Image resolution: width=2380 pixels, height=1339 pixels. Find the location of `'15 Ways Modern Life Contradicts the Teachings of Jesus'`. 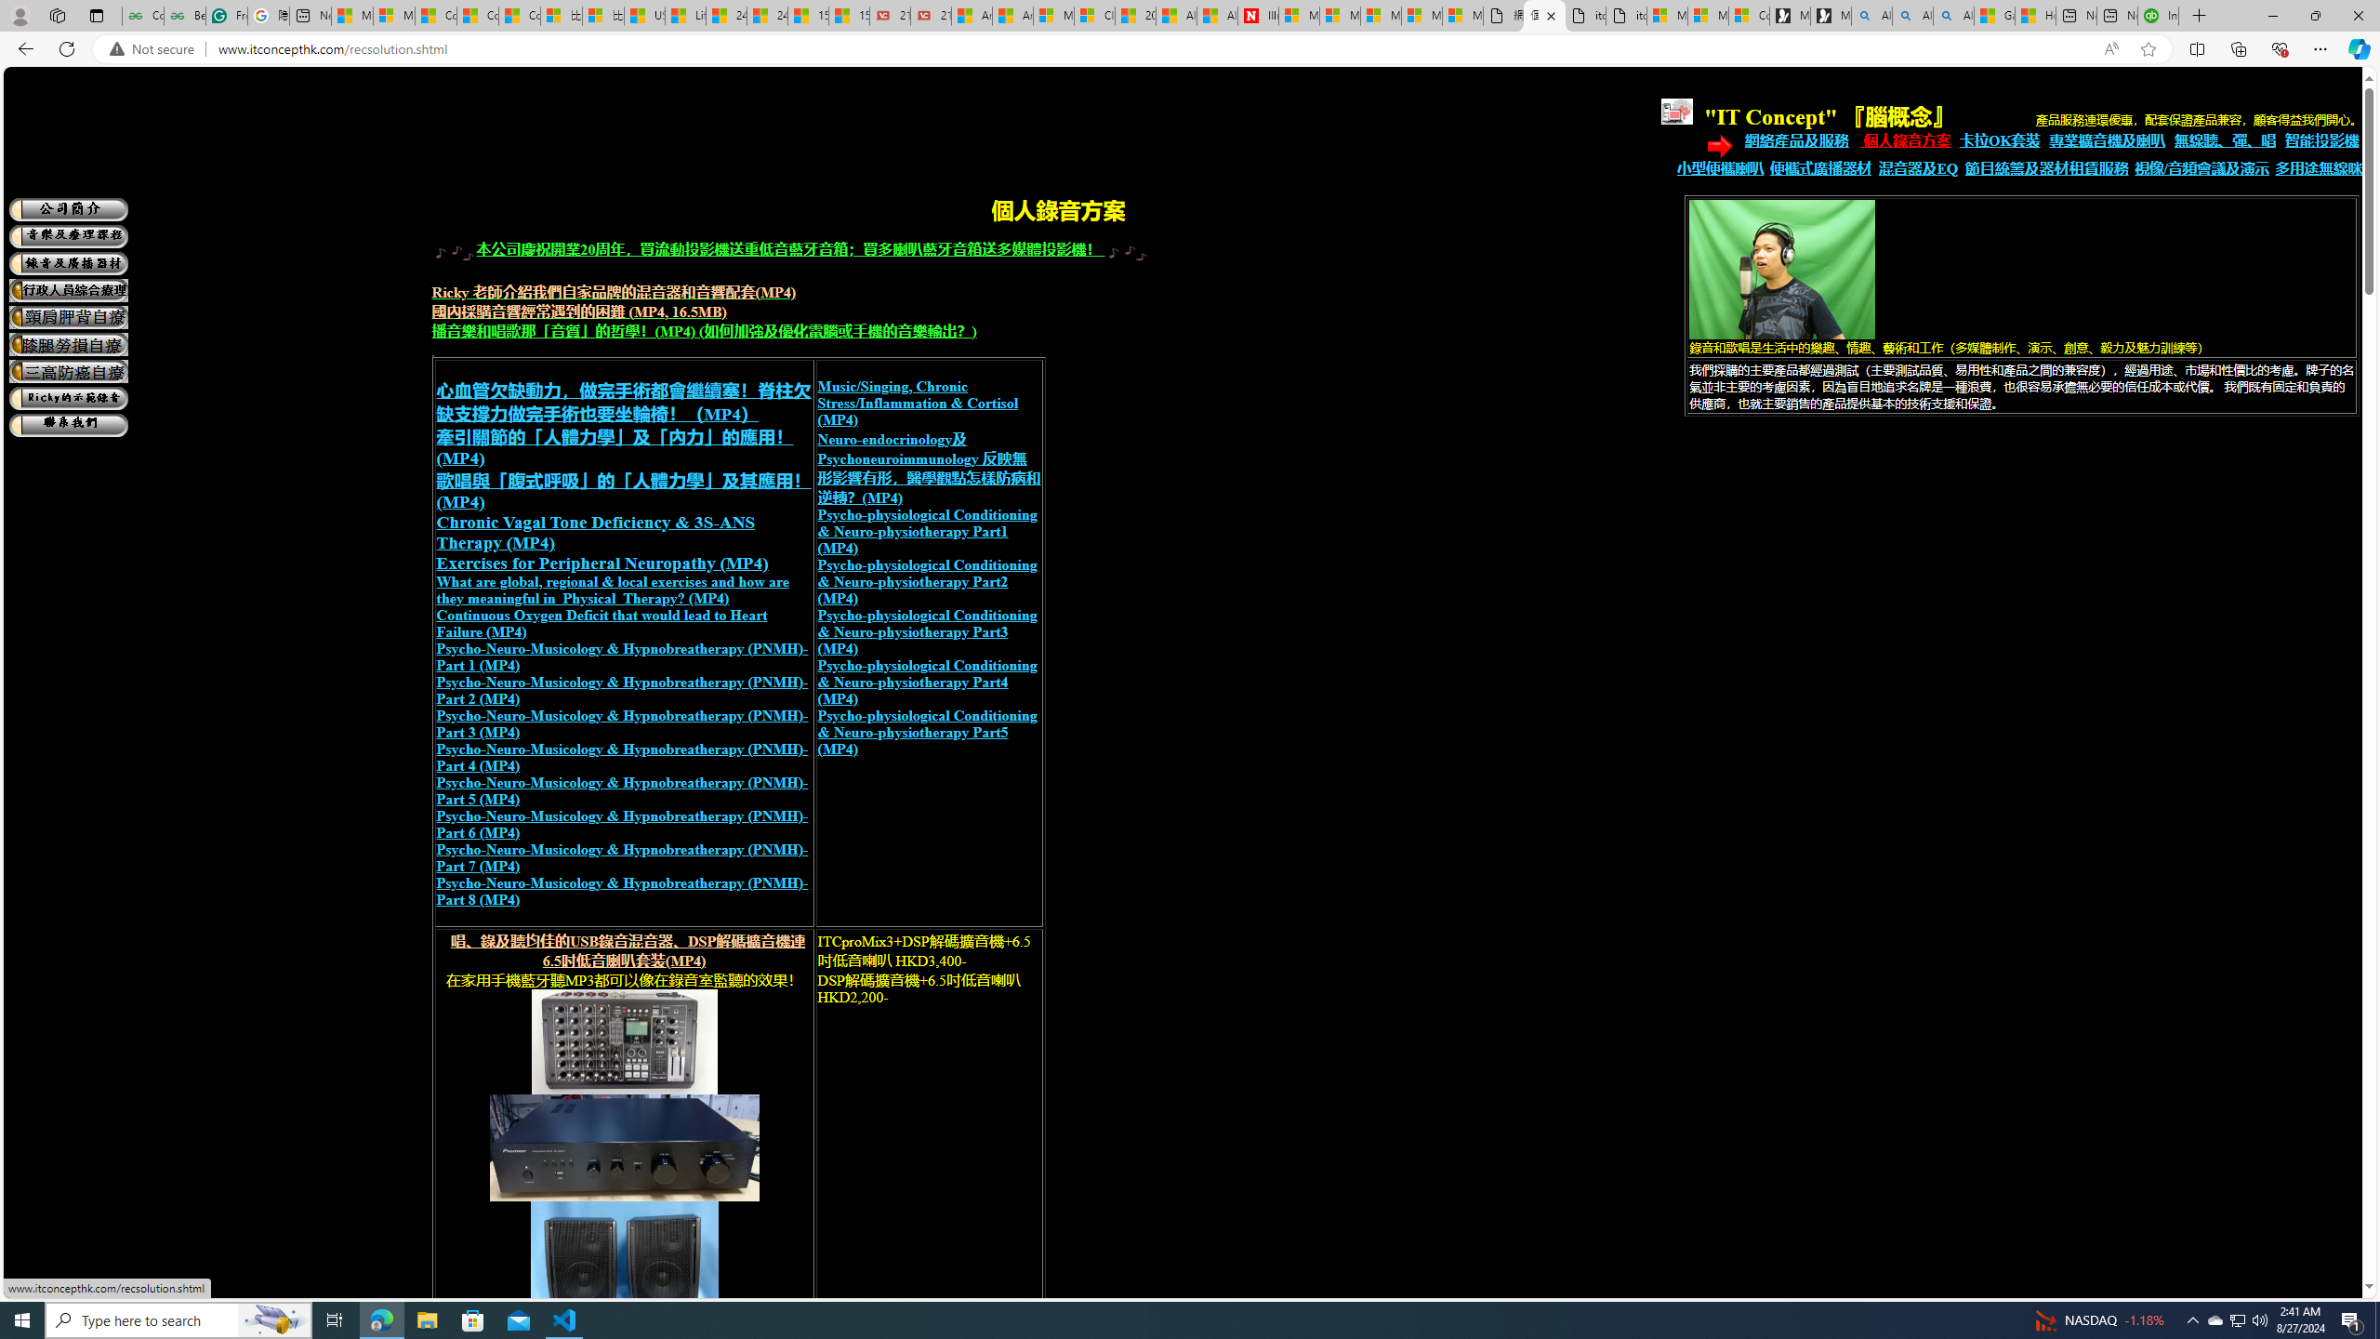

'15 Ways Modern Life Contradicts the Teachings of Jesus' is located at coordinates (849, 15).